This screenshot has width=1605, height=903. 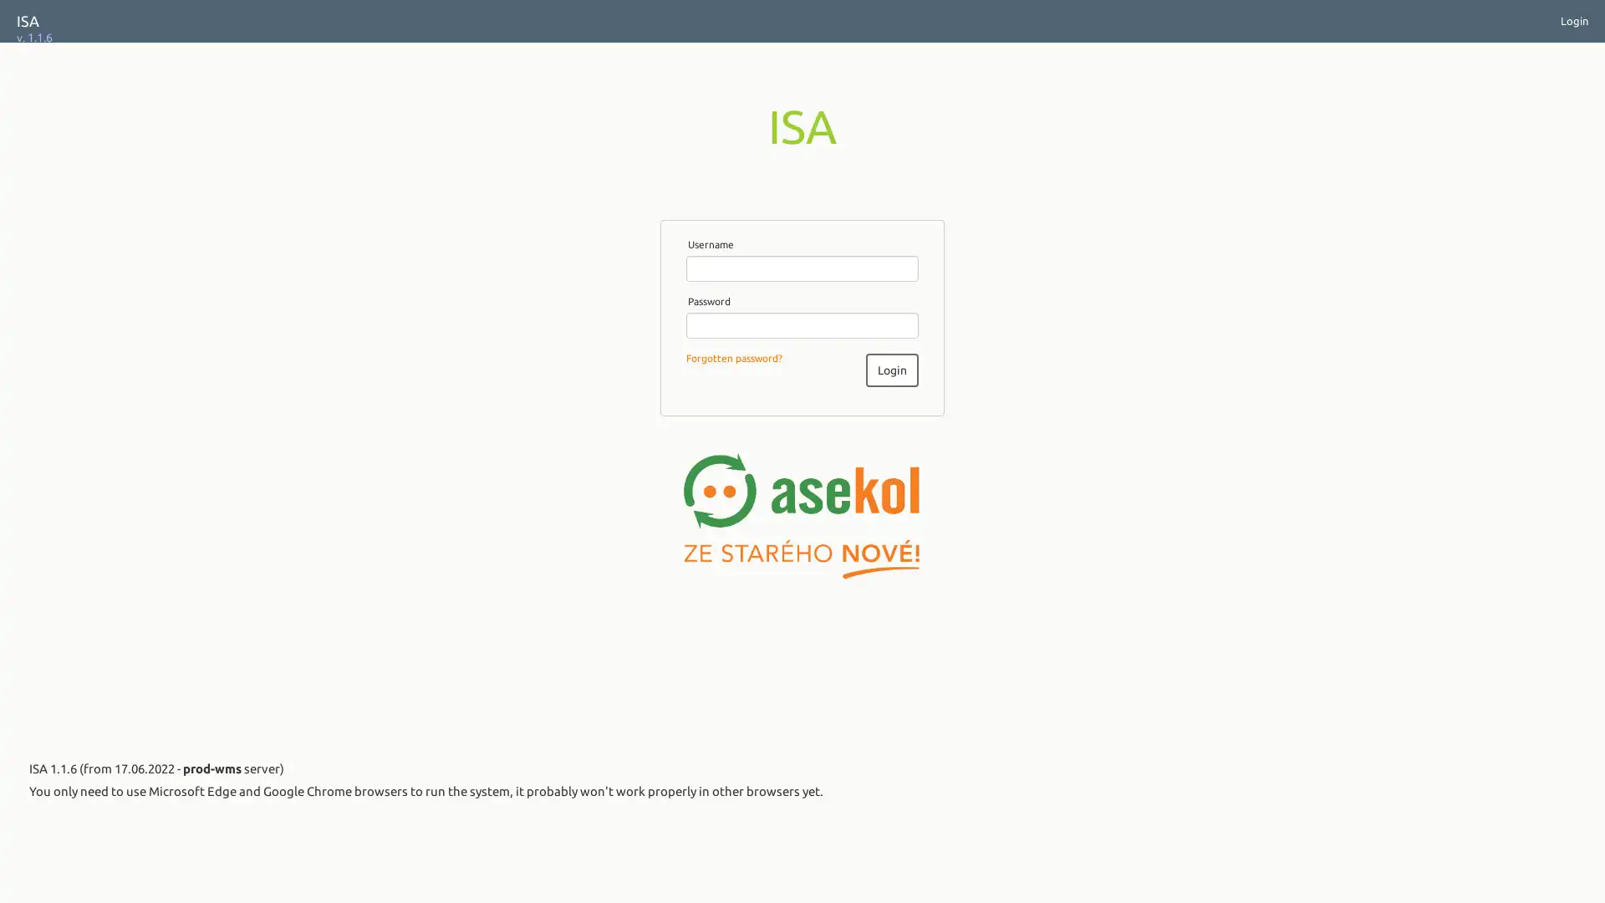 I want to click on Login, so click(x=890, y=369).